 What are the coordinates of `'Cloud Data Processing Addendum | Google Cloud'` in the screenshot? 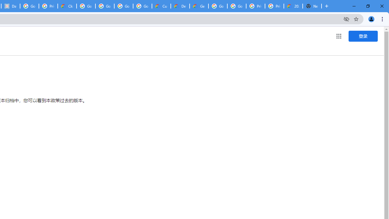 It's located at (67, 6).